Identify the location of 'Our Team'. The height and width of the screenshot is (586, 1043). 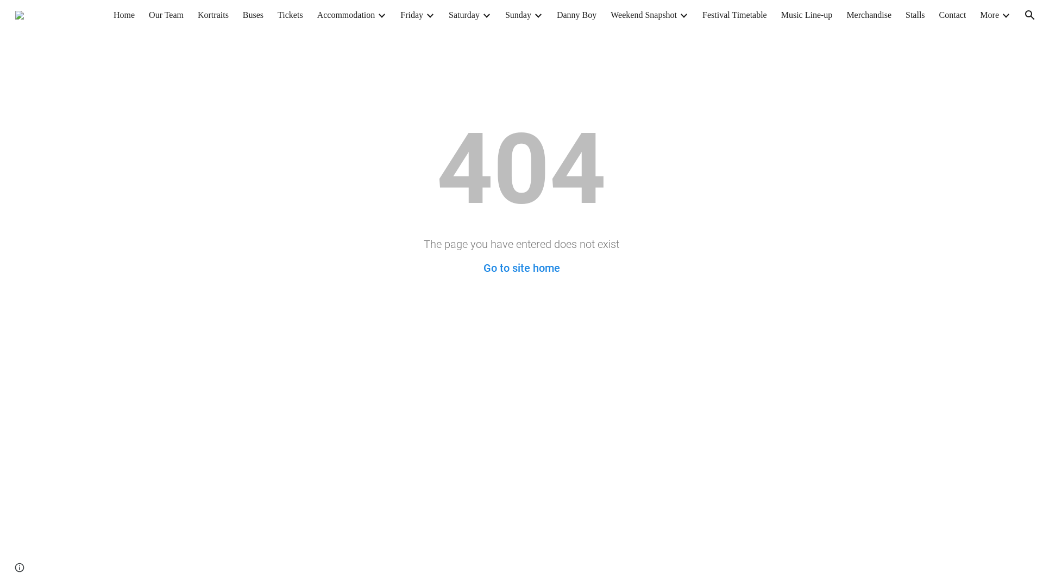
(166, 15).